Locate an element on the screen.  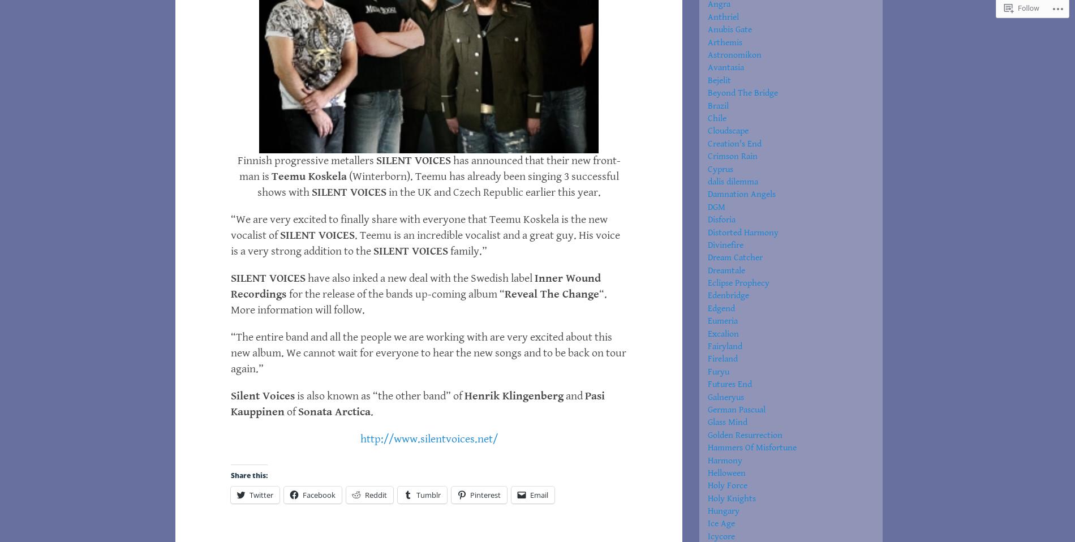
'“. More information will follow.' is located at coordinates (418, 301).